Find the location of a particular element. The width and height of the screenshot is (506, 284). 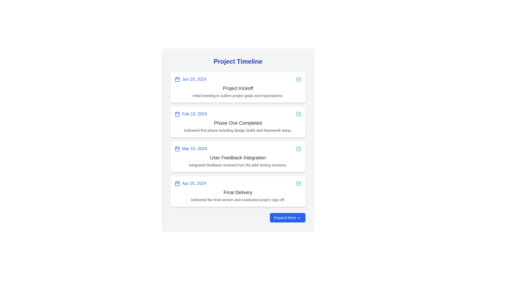

the main body of the calendar component, which is a rounded rectangular area inside the calendar icon, located in the left part of the 'Feb 10, 2024' timeline entry is located at coordinates (177, 114).